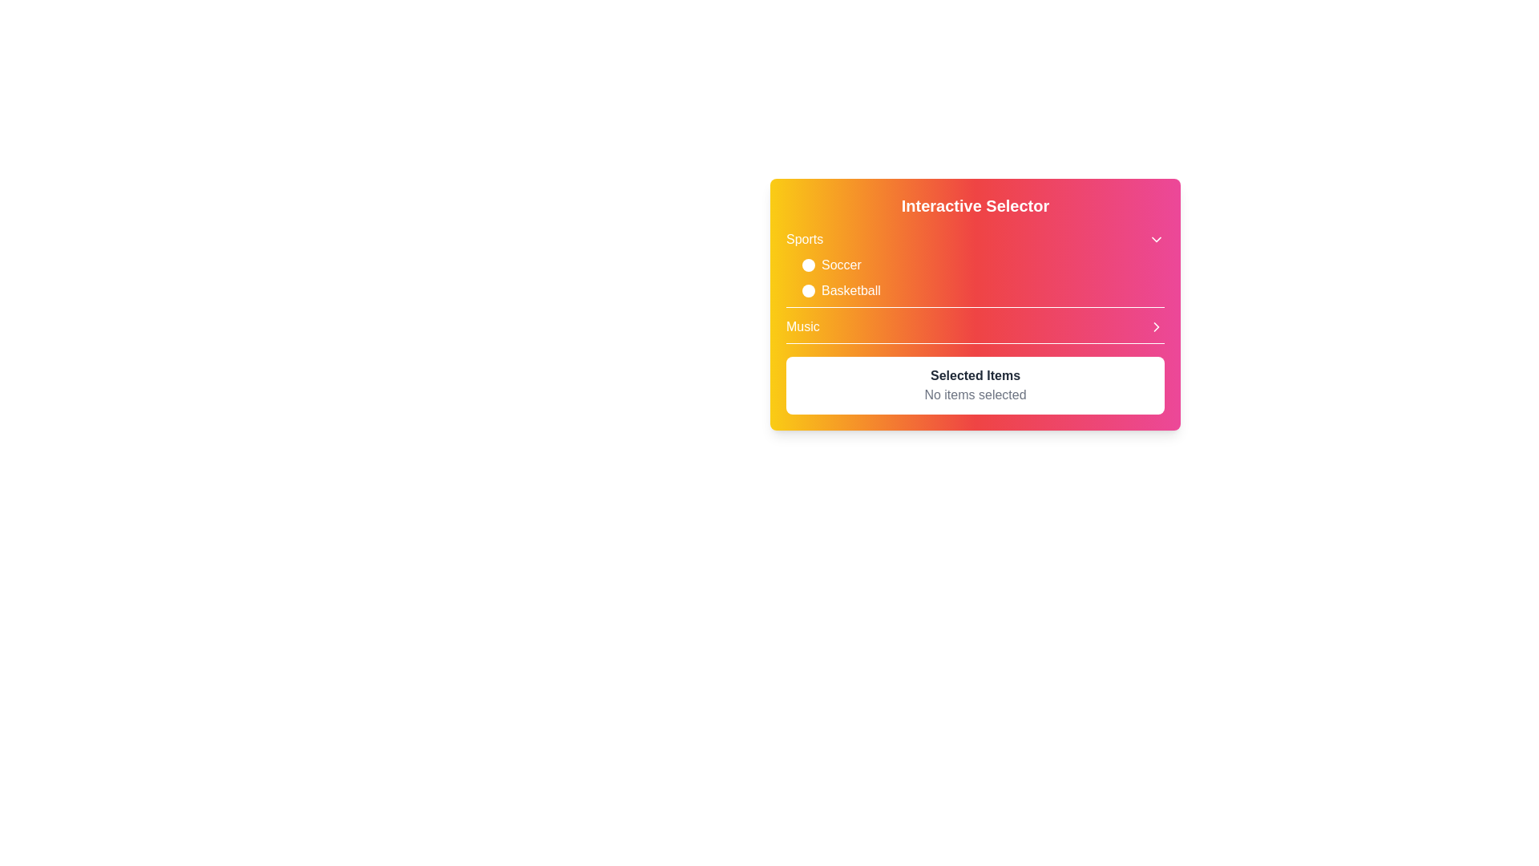  What do you see at coordinates (808, 265) in the screenshot?
I see `the selection indicator icon for the 'Soccer' option located in the 'Sports' section` at bounding box center [808, 265].